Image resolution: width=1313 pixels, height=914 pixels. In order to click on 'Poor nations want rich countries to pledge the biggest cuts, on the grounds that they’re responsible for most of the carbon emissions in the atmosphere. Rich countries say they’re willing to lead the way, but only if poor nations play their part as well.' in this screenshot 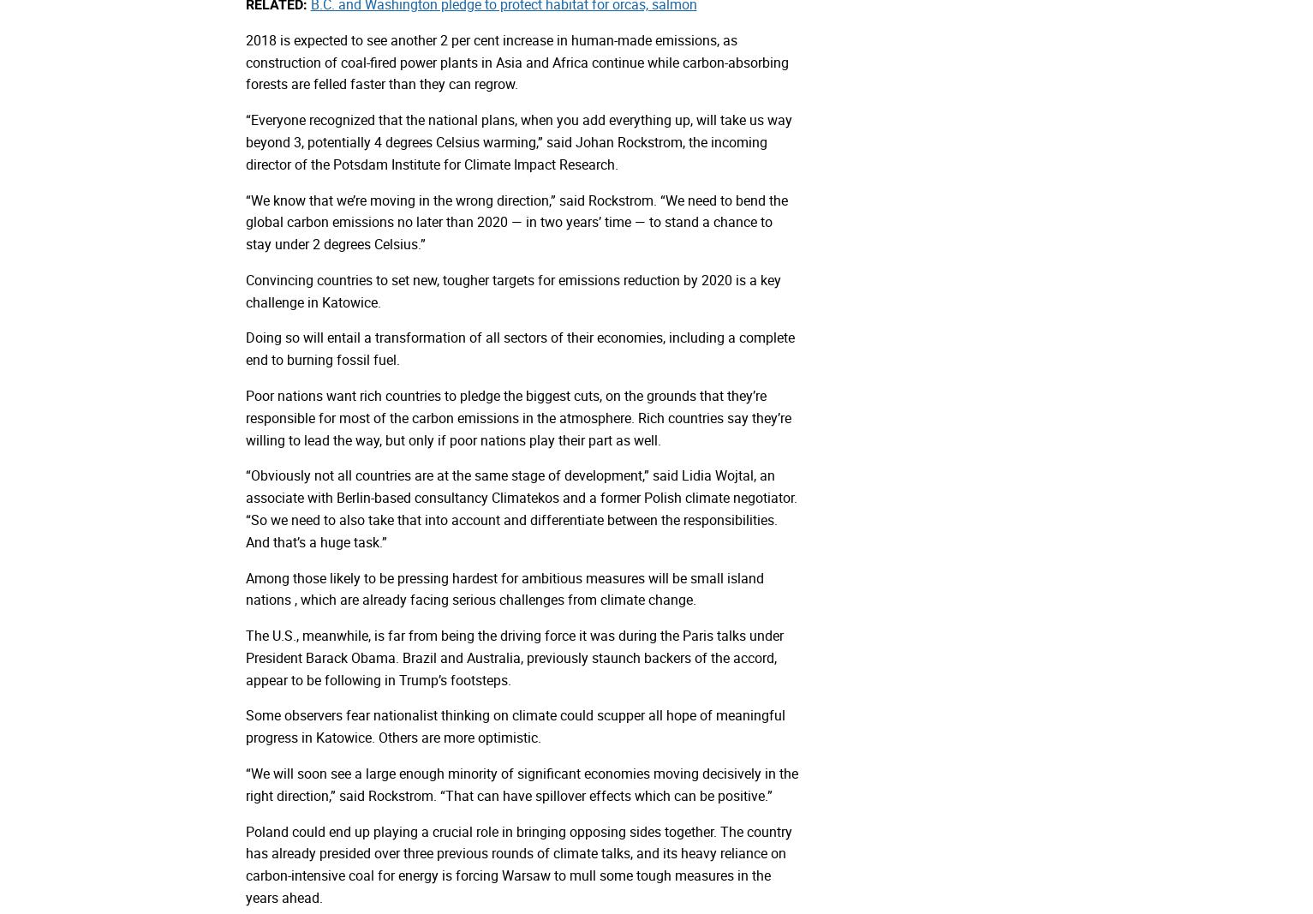, I will do `click(516, 416)`.